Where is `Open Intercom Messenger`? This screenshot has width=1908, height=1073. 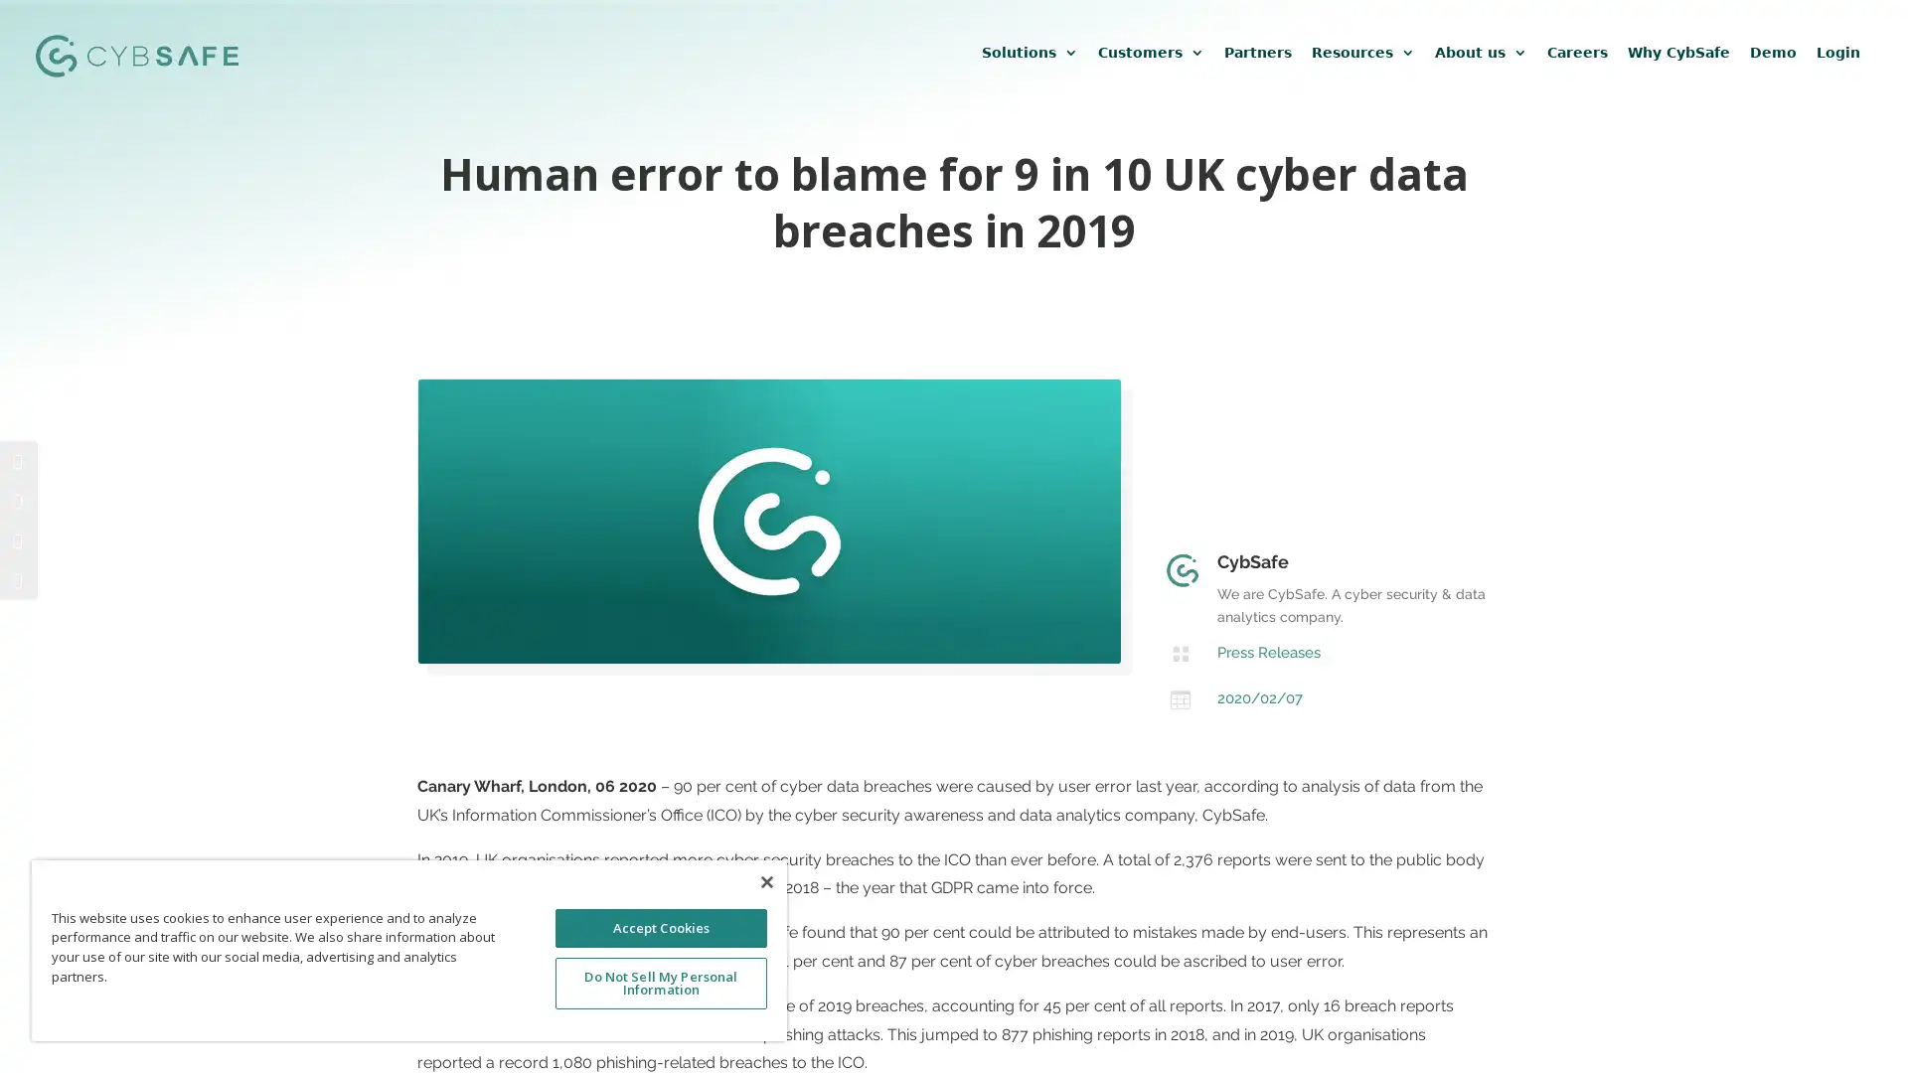 Open Intercom Messenger is located at coordinates (1857, 1022).